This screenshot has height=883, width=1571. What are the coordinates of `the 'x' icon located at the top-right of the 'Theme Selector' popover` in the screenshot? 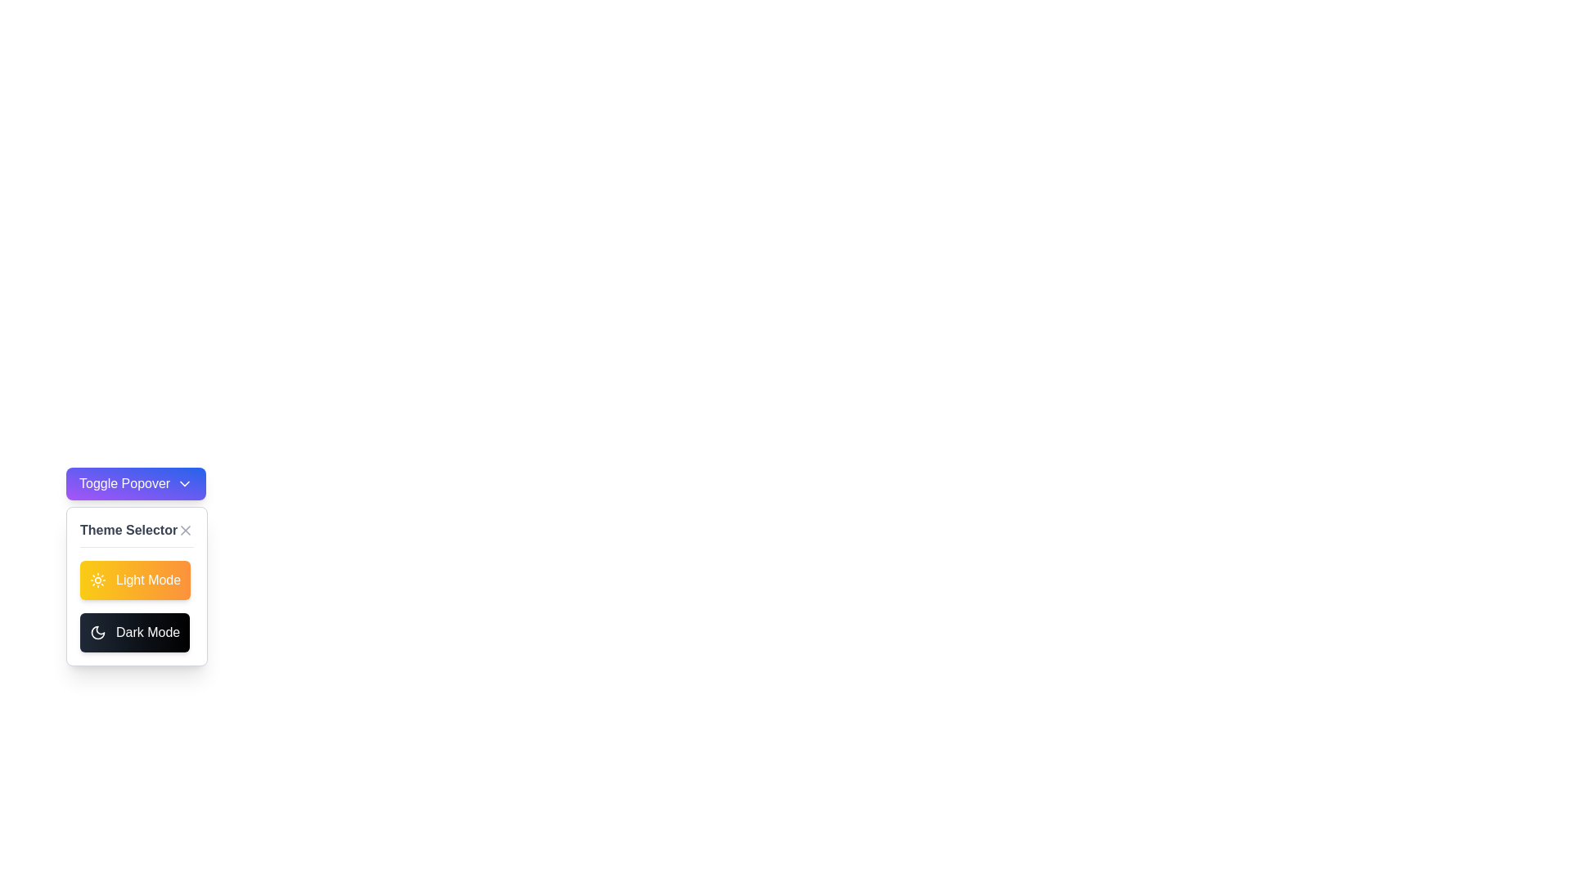 It's located at (186, 530).